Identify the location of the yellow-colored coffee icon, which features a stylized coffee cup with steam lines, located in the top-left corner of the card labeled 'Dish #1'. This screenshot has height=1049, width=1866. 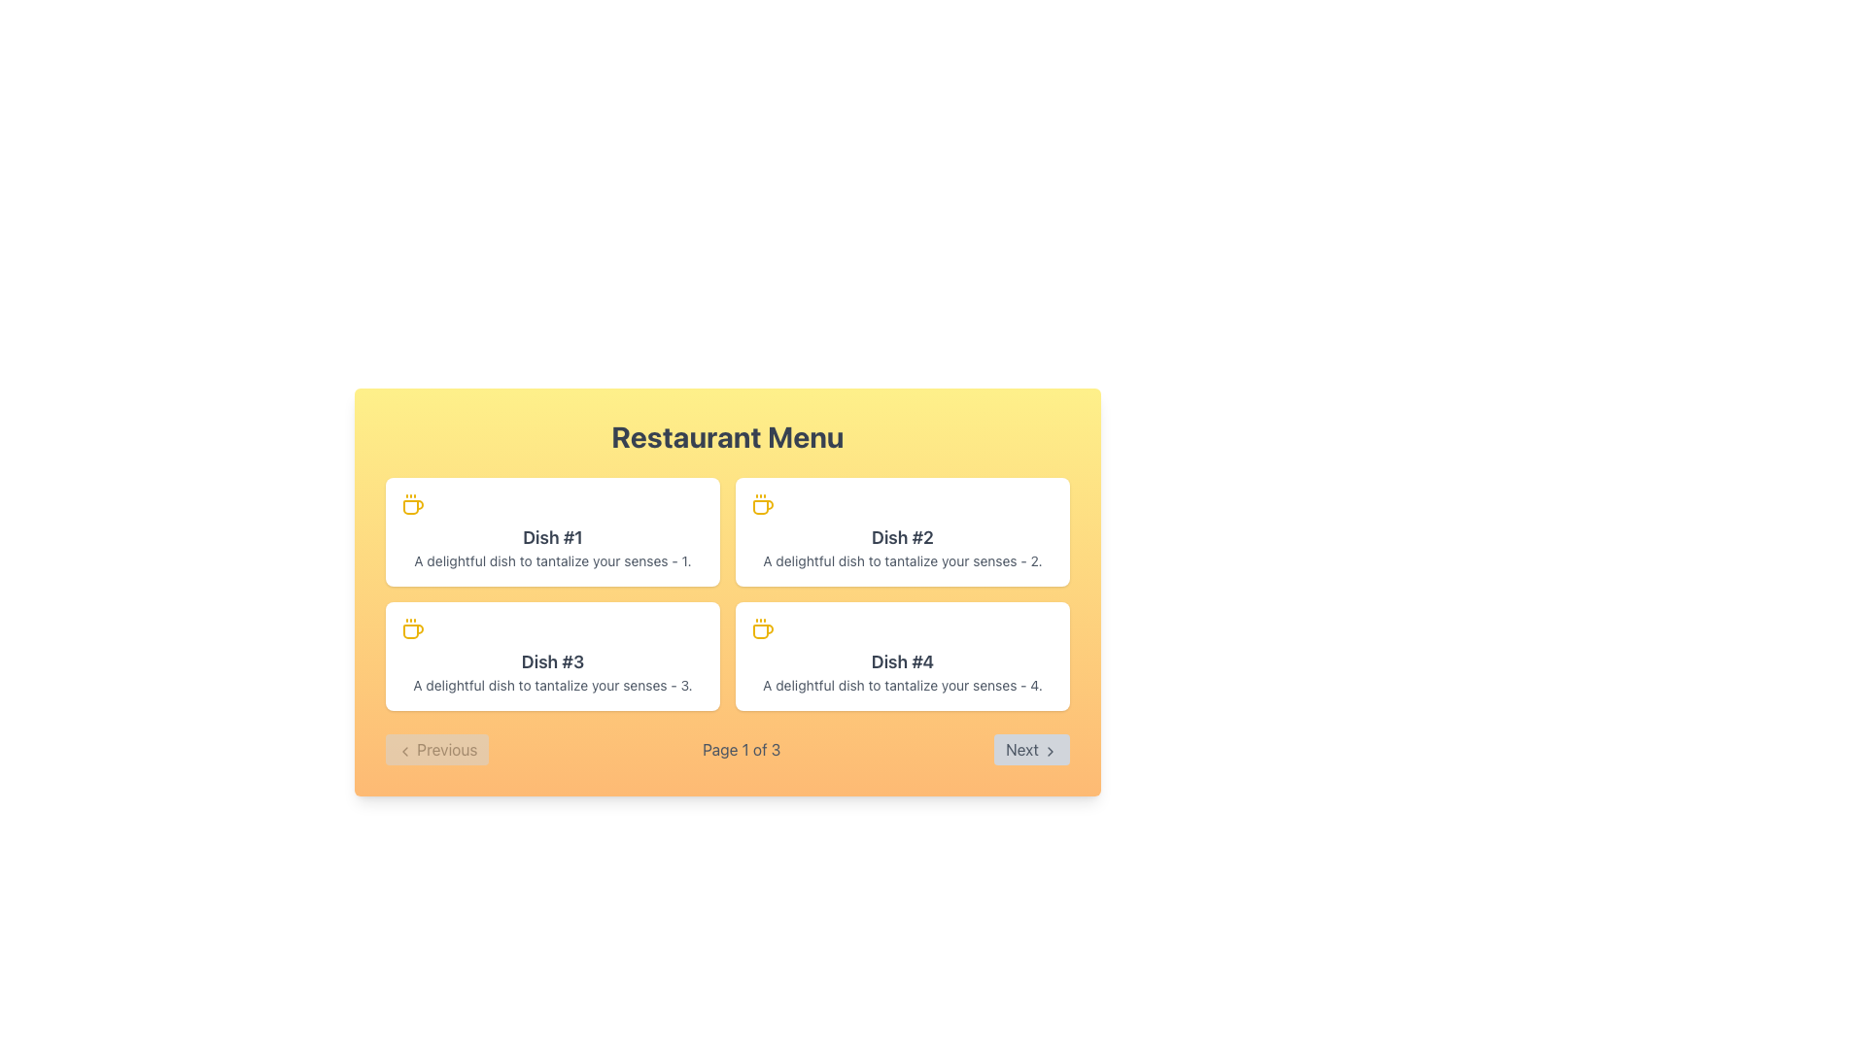
(412, 504).